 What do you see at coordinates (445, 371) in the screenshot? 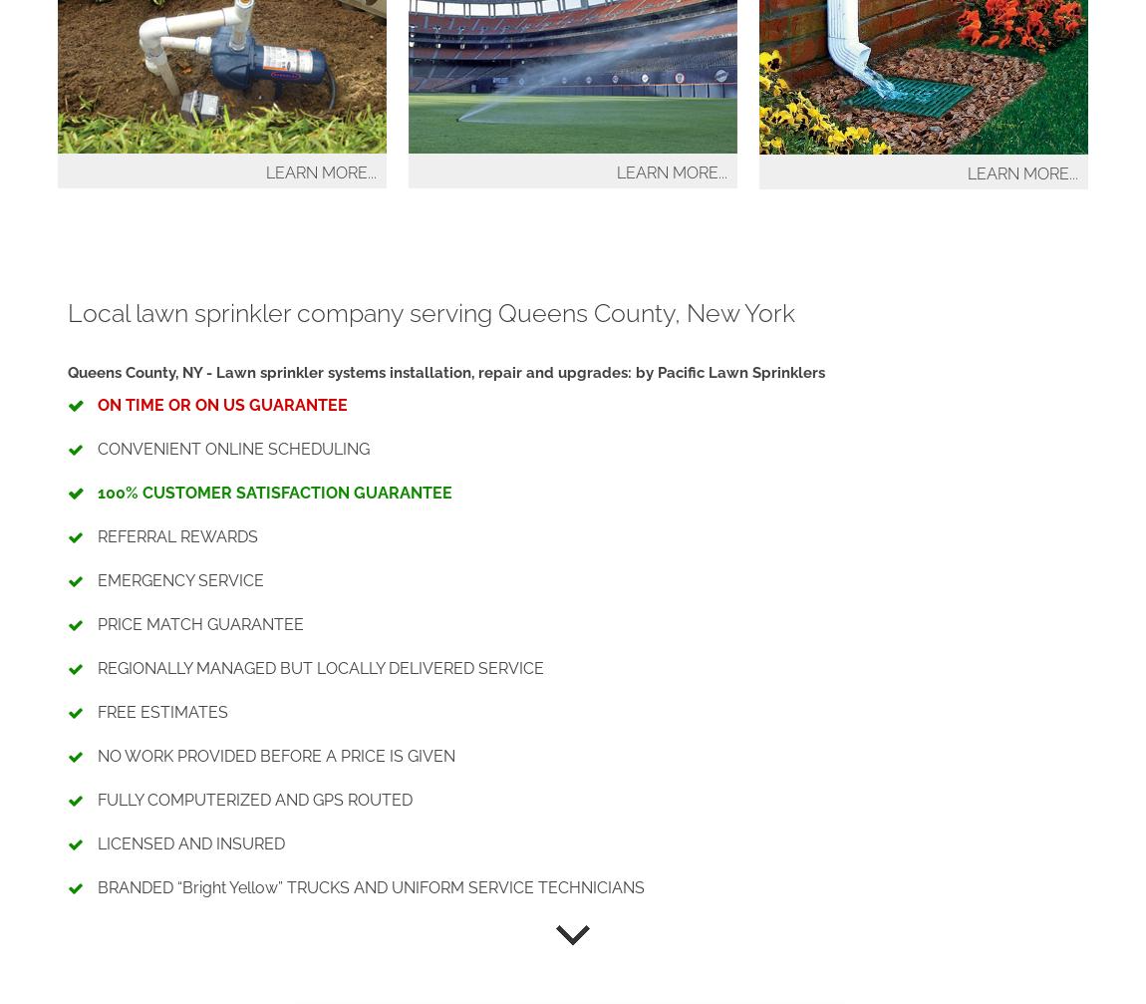
I see `'Queens County, NY - Lawn sprinkler systems installation, repair and upgrades: by Pacific Lawn Sprinklers'` at bounding box center [445, 371].